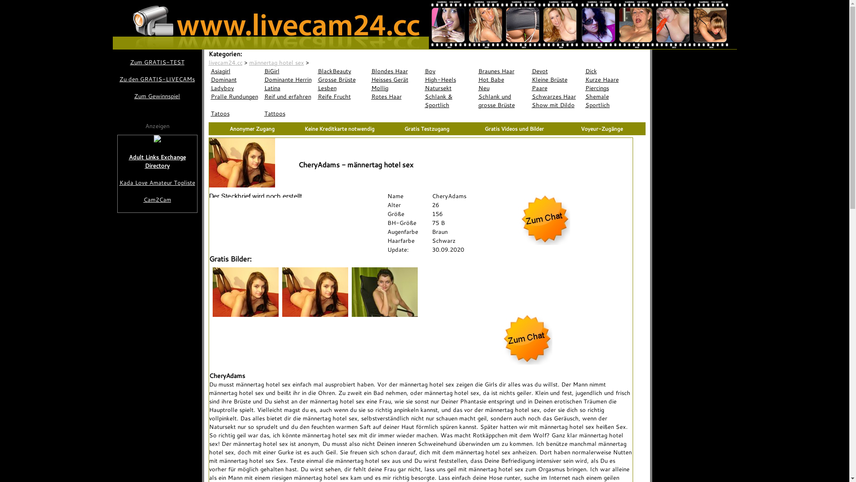 The width and height of the screenshot is (856, 482). Describe the element at coordinates (116, 79) in the screenshot. I see `'Zu den GRATIS-LIVECAMs'` at that location.